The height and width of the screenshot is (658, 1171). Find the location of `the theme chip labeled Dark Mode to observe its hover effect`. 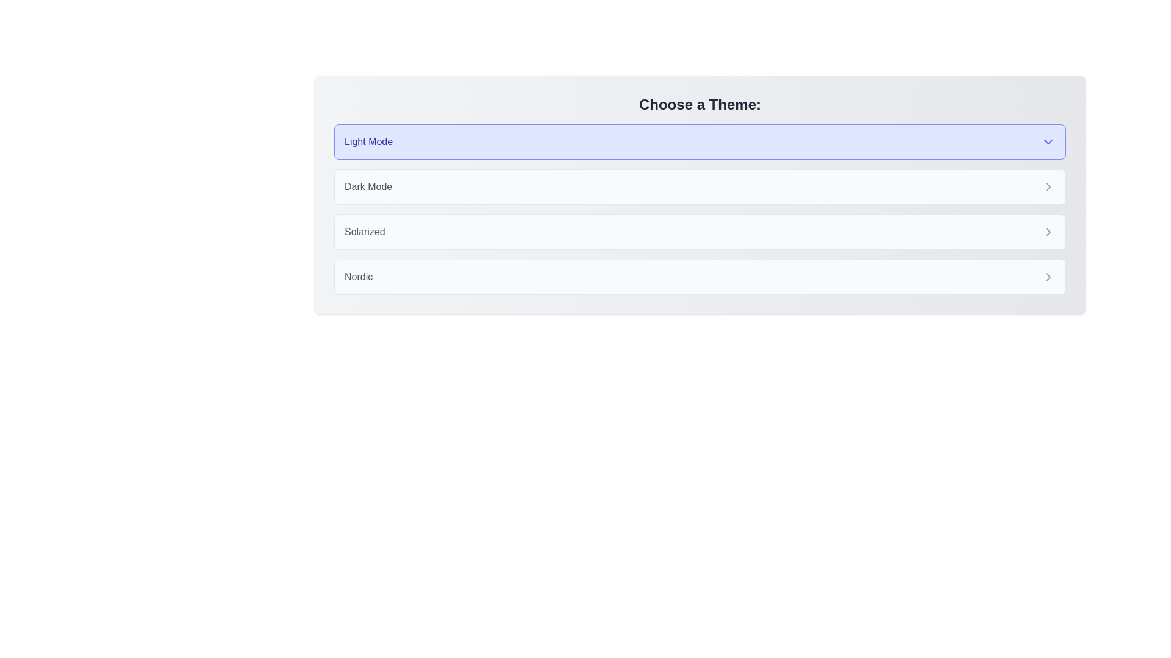

the theme chip labeled Dark Mode to observe its hover effect is located at coordinates (700, 187).